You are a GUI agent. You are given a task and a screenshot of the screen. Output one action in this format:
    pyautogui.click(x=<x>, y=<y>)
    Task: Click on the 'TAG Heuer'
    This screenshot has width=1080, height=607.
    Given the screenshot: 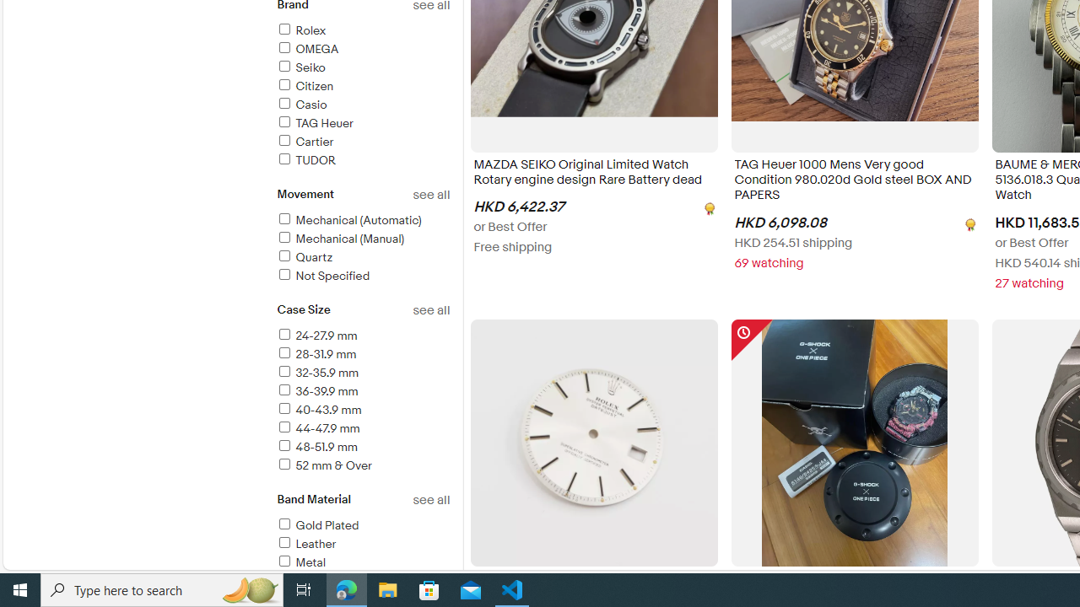 What is the action you would take?
    pyautogui.click(x=362, y=123)
    